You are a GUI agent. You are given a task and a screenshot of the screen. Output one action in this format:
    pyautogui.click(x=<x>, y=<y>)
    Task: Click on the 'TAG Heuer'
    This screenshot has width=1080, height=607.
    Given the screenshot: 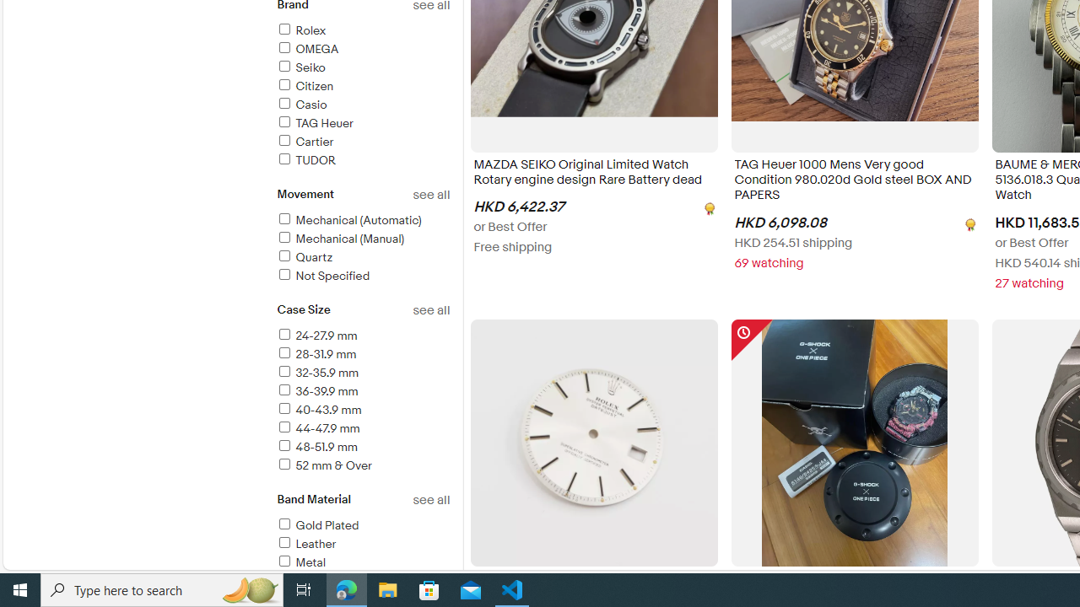 What is the action you would take?
    pyautogui.click(x=362, y=123)
    